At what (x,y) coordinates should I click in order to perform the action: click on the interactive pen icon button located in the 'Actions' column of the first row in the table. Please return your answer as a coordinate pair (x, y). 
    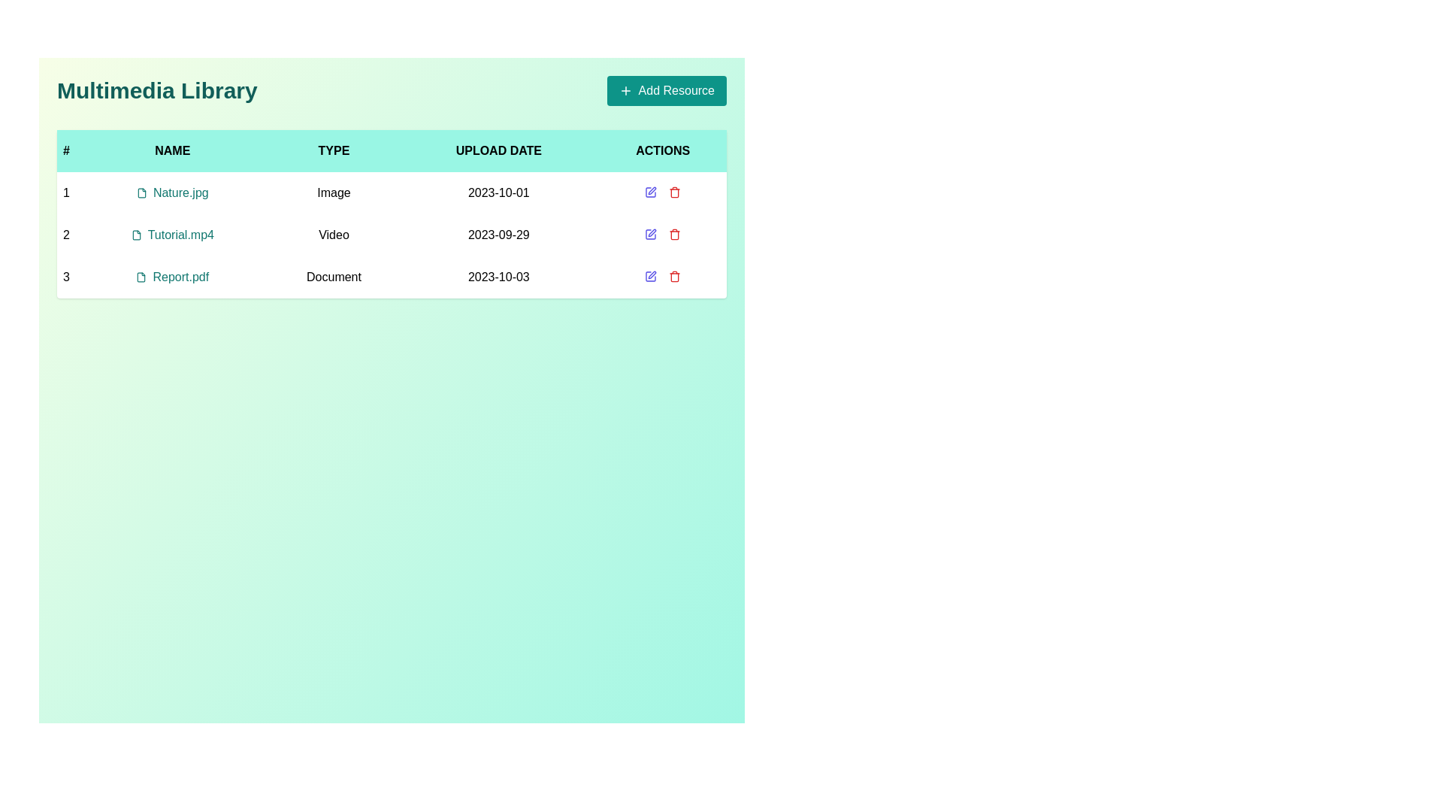
    Looking at the image, I should click on (650, 191).